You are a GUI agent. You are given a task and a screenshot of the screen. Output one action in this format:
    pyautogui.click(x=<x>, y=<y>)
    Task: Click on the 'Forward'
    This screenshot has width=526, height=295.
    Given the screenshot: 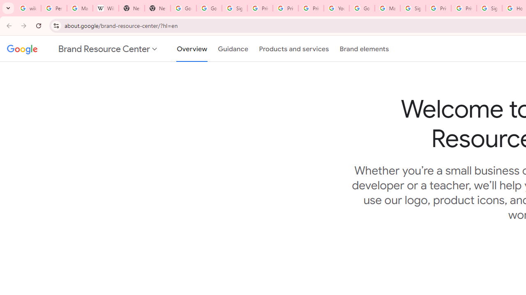 What is the action you would take?
    pyautogui.click(x=24, y=25)
    